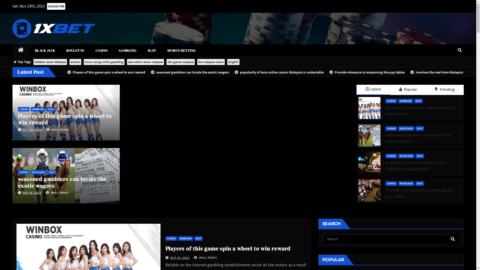 The width and height of the screenshot is (480, 270). Describe the element at coordinates (75, 61) in the screenshot. I see `'winbox'` at that location.